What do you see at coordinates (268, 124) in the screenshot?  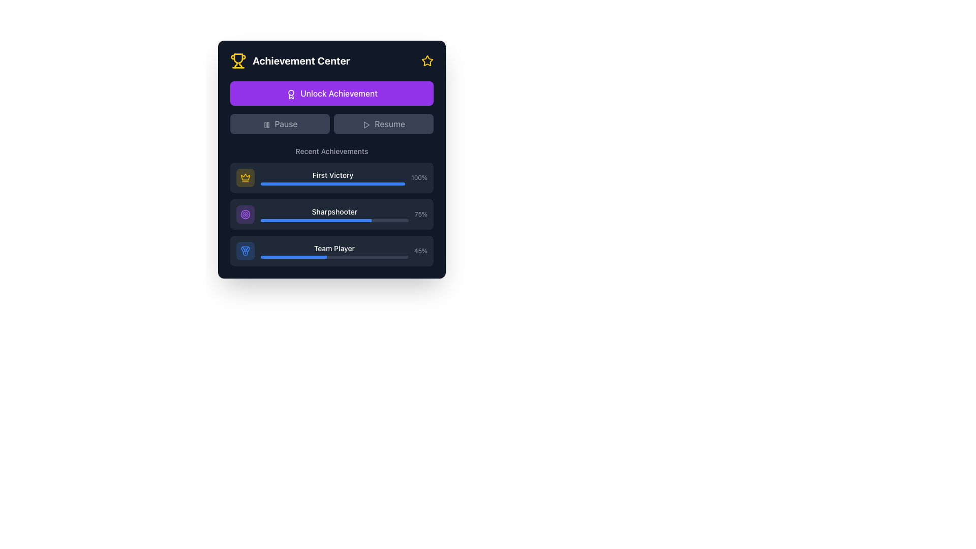 I see `the right vertical bar of the pause icon located in the Achievement Center interface, adjacent to the Pause button` at bounding box center [268, 124].